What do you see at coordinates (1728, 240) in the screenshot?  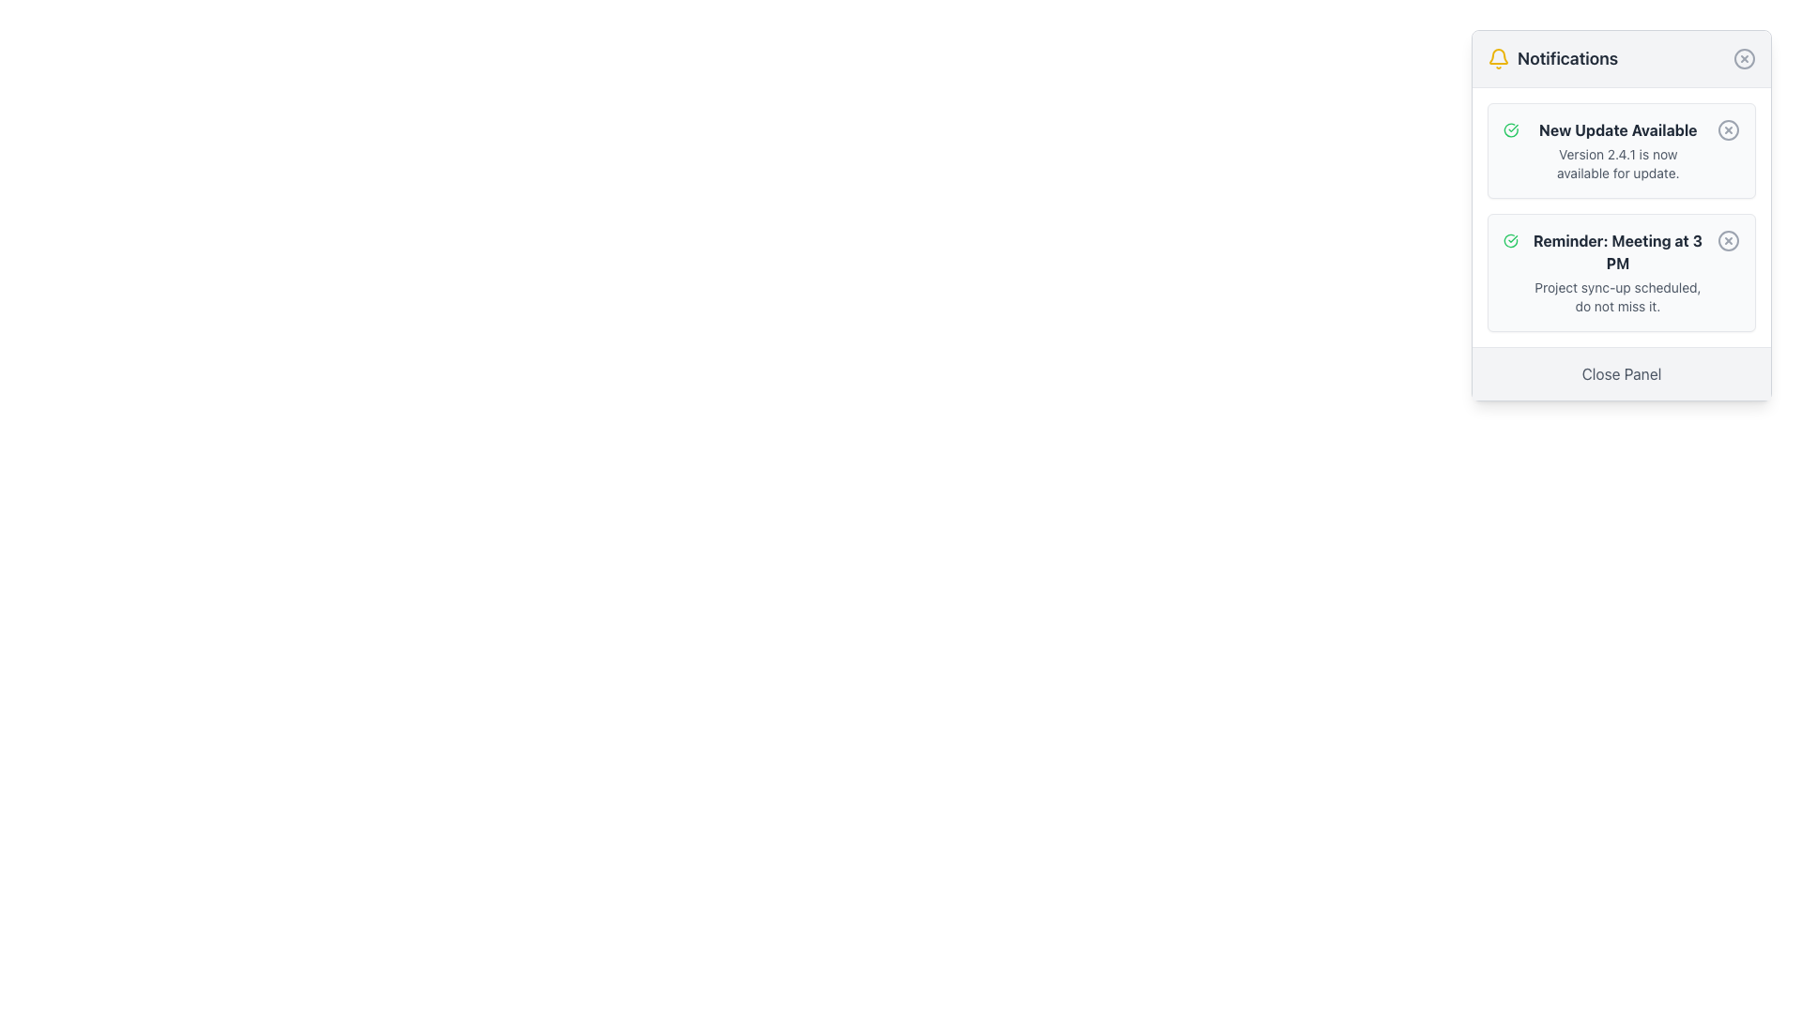 I see `the close button in the top-right corner of the notification card titled 'Reminder: Meeting at 3 PM'` at bounding box center [1728, 240].